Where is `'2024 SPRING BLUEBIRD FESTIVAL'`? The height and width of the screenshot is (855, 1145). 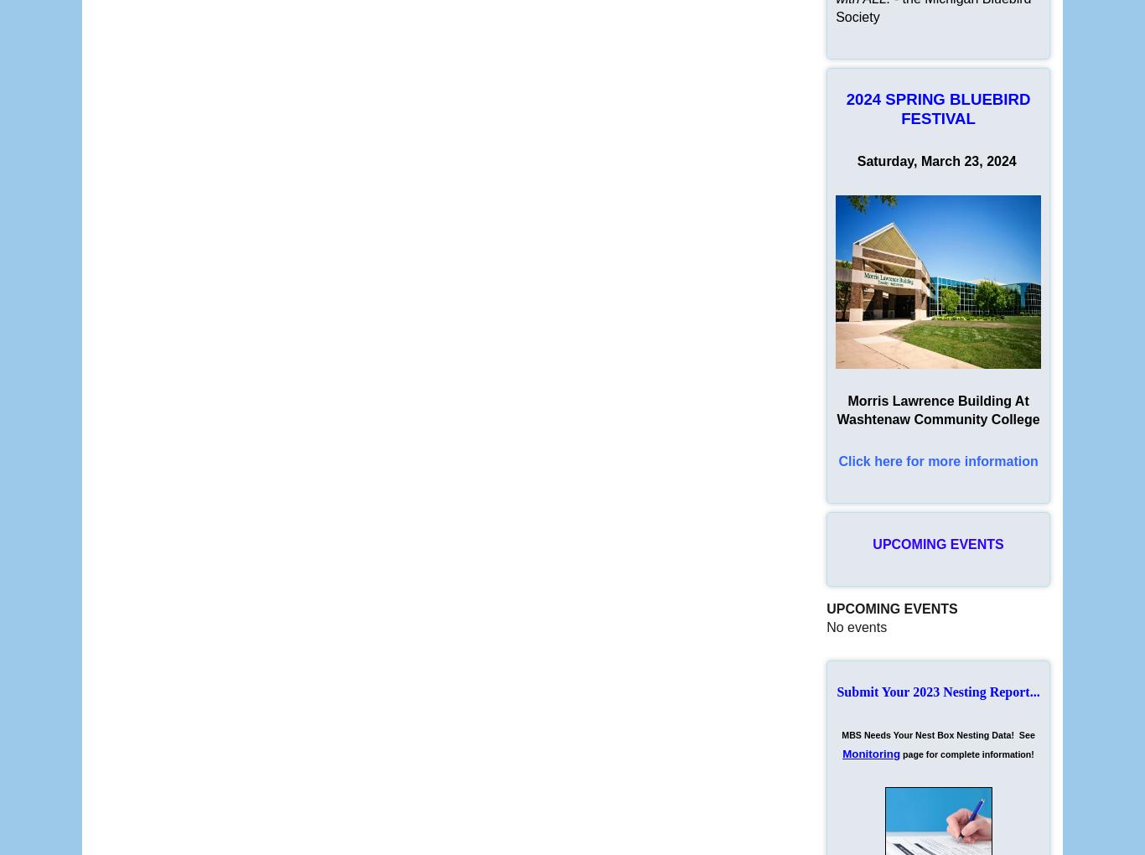 '2024 SPRING BLUEBIRD FESTIVAL' is located at coordinates (937, 109).